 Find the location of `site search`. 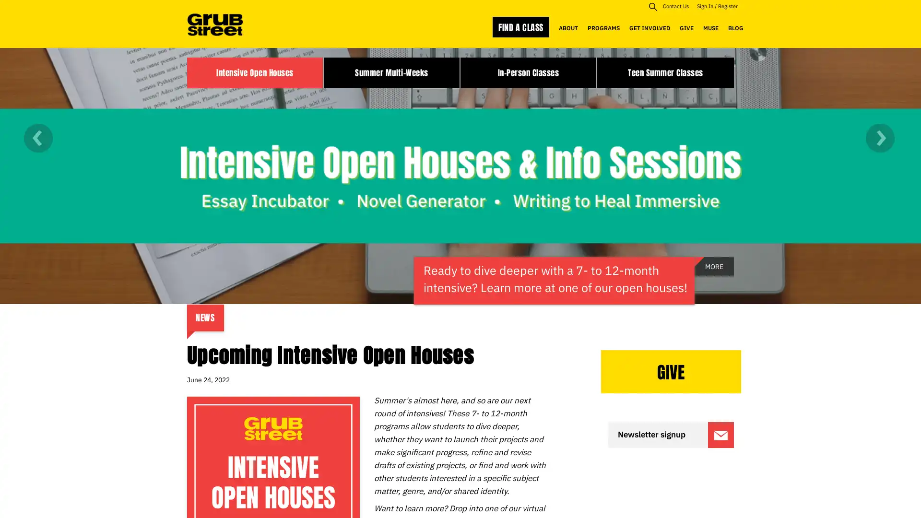

site search is located at coordinates (652, 6).